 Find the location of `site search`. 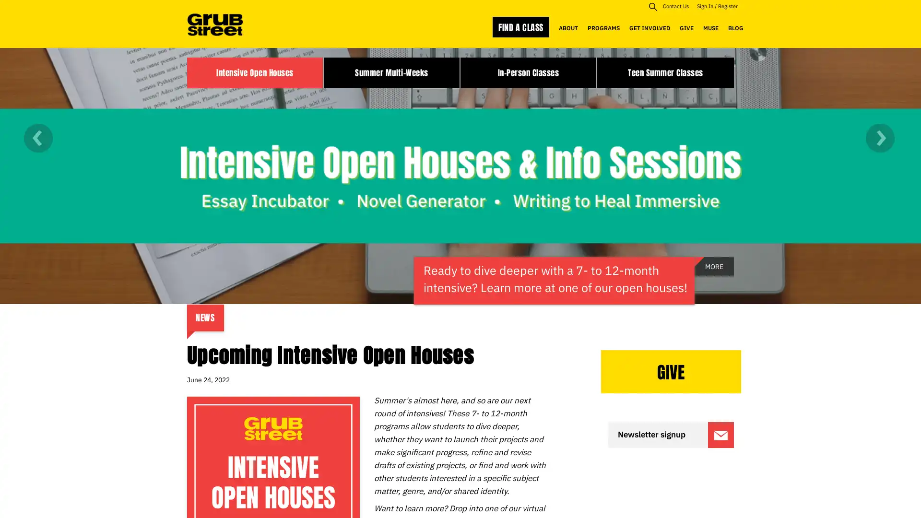

site search is located at coordinates (652, 6).